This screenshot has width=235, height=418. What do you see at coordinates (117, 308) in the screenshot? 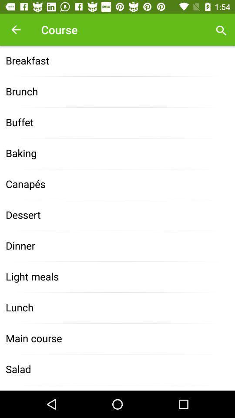
I see `lunch icon` at bounding box center [117, 308].